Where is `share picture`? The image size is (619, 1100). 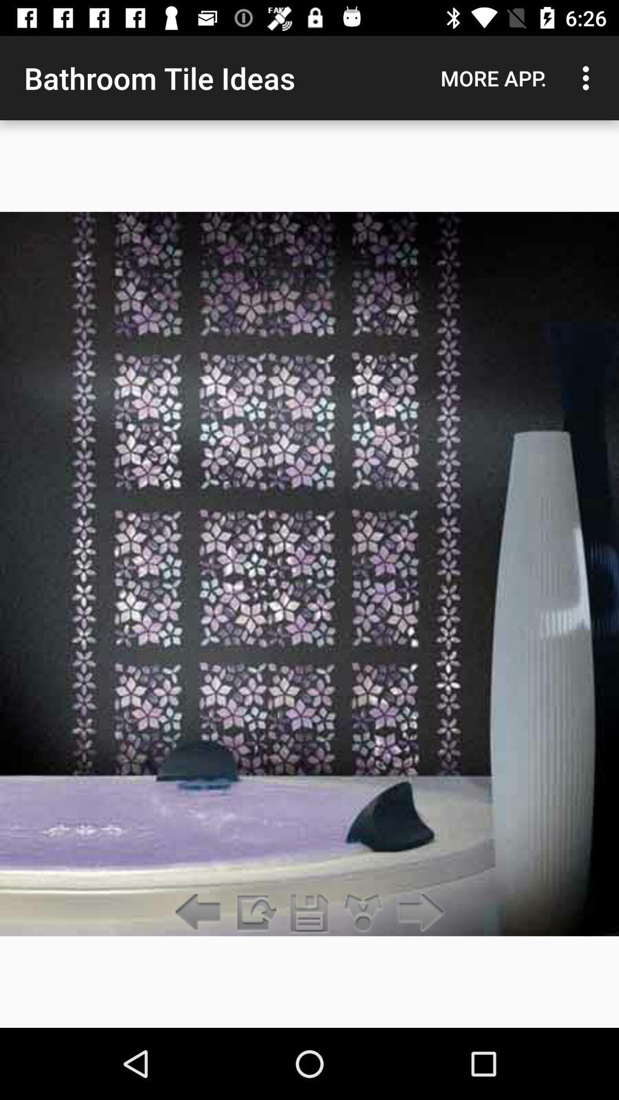
share picture is located at coordinates (363, 913).